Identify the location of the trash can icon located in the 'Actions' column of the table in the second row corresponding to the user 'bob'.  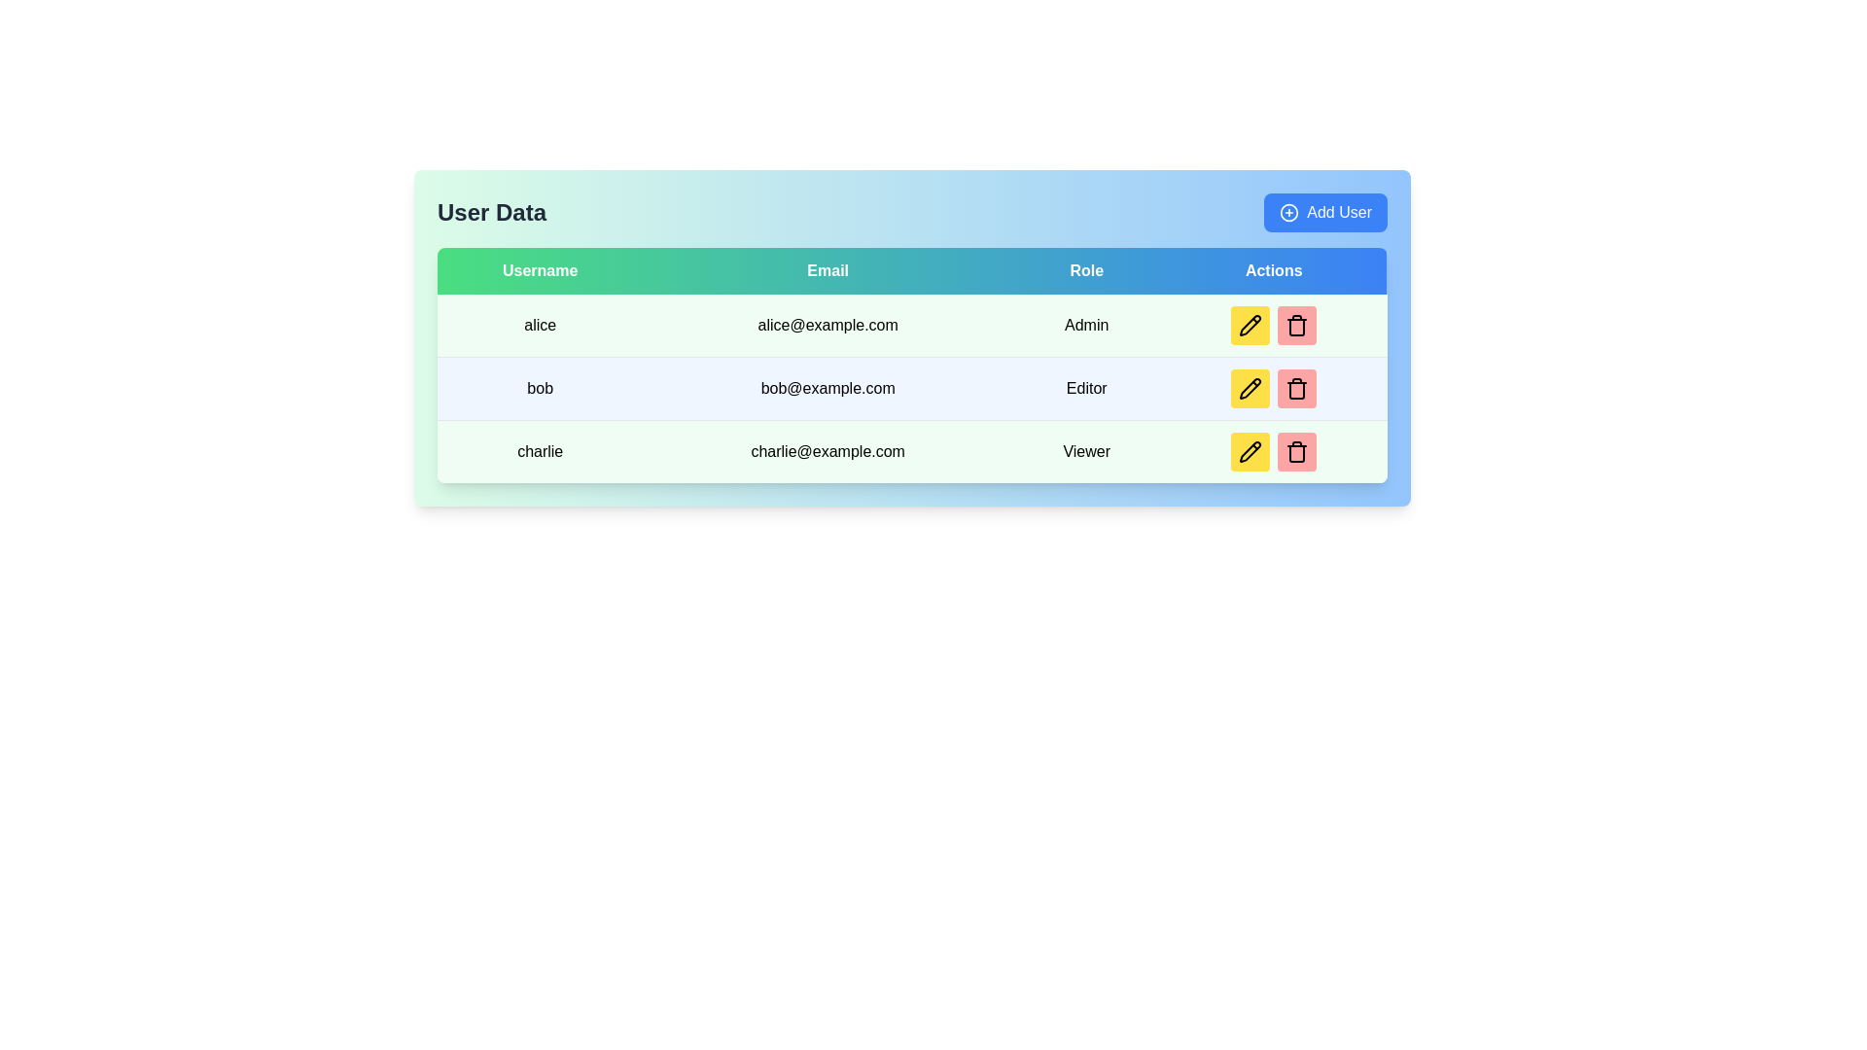
(1297, 389).